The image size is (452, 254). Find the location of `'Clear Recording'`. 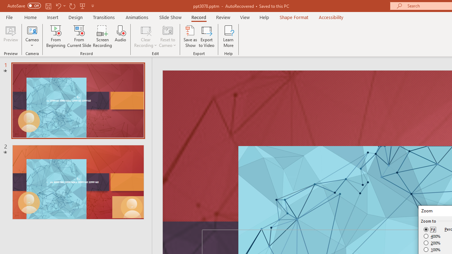

'Clear Recording' is located at coordinates (145, 36).